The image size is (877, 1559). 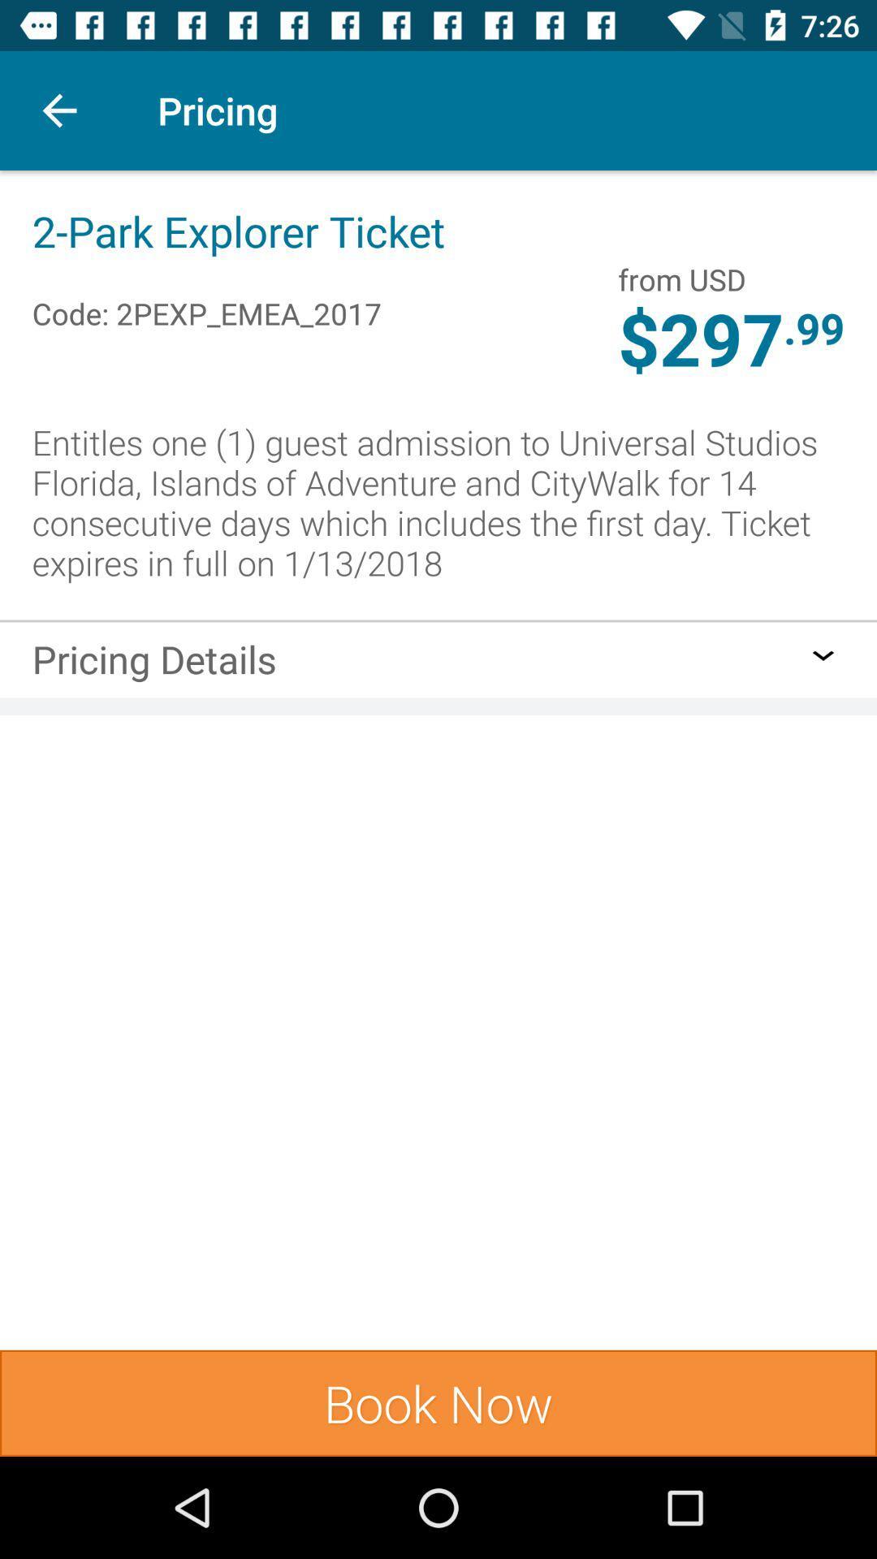 What do you see at coordinates (823, 655) in the screenshot?
I see `open details` at bounding box center [823, 655].